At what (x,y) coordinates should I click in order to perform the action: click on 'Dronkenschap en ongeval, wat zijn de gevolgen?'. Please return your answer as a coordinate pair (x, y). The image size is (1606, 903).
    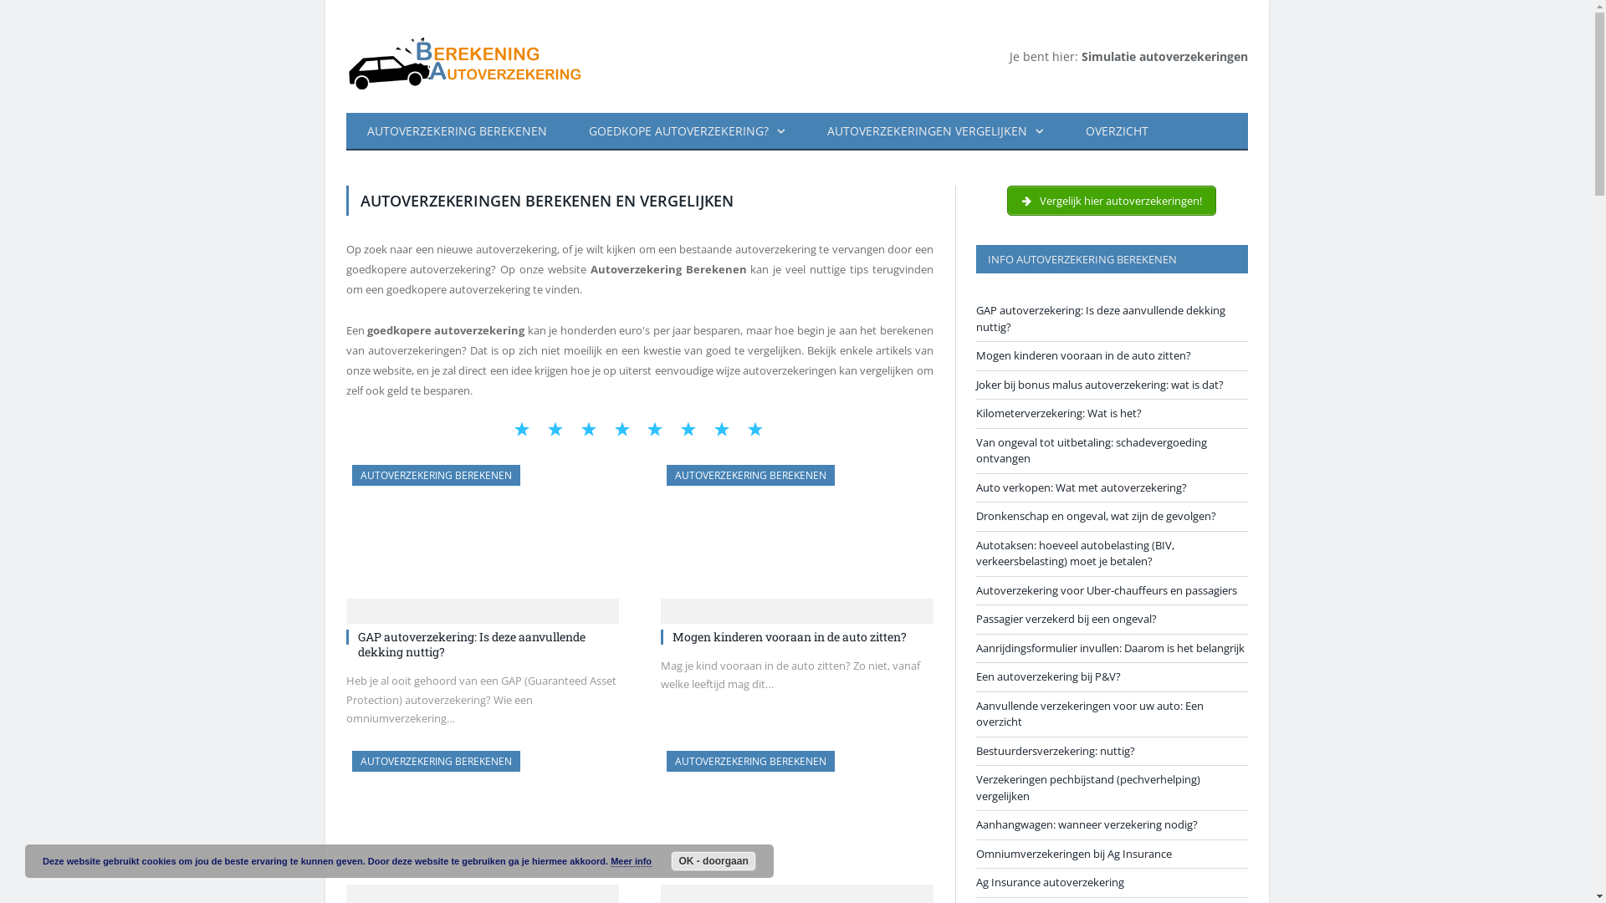
    Looking at the image, I should click on (1095, 515).